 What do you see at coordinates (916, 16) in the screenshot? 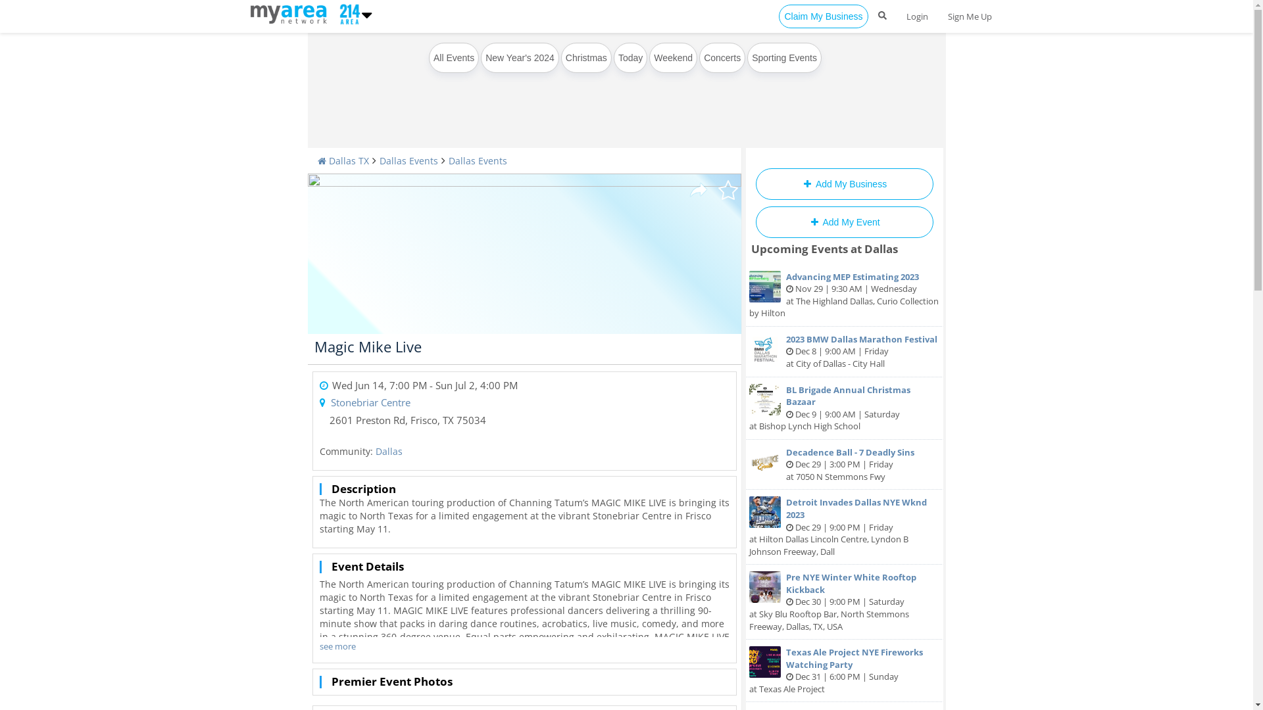
I see `'Login'` at bounding box center [916, 16].